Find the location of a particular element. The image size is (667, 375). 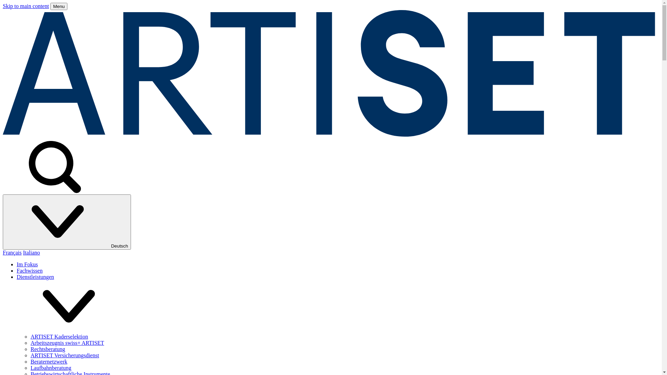

'ARTISET Kaderselektion' is located at coordinates (59, 336).